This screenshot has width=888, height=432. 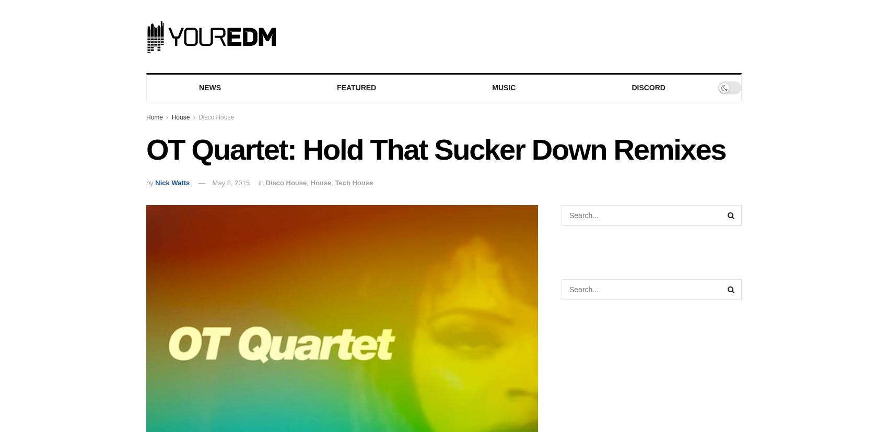 I want to click on 'Nick Watts', so click(x=171, y=183).